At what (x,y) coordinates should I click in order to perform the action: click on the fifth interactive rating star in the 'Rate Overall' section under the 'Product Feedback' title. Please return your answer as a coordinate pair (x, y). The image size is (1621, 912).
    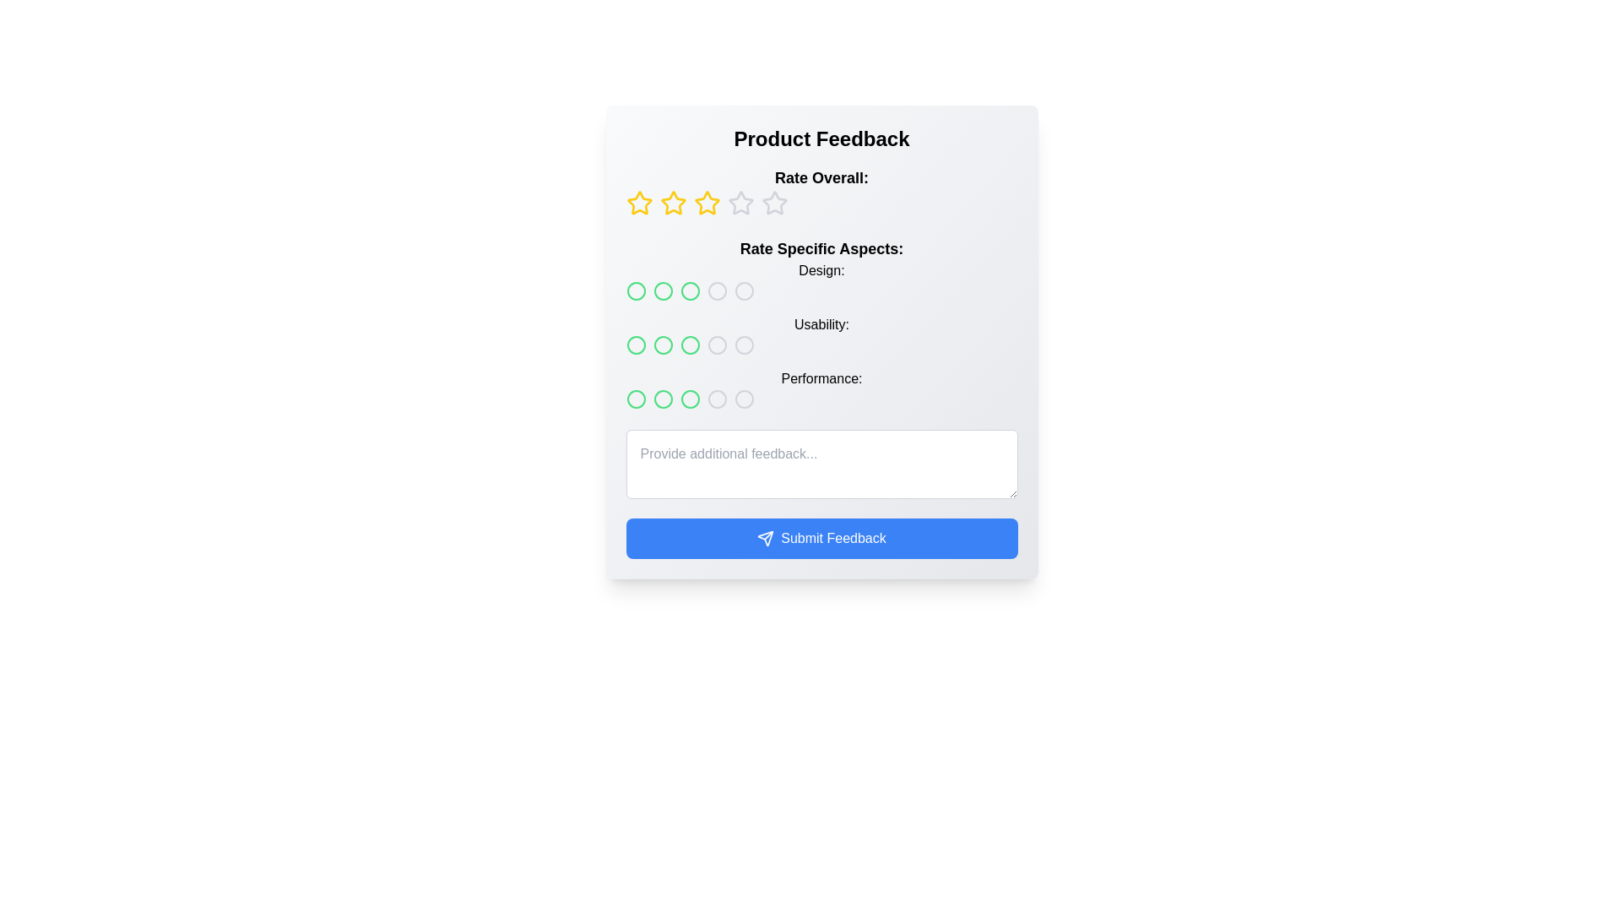
    Looking at the image, I should click on (773, 202).